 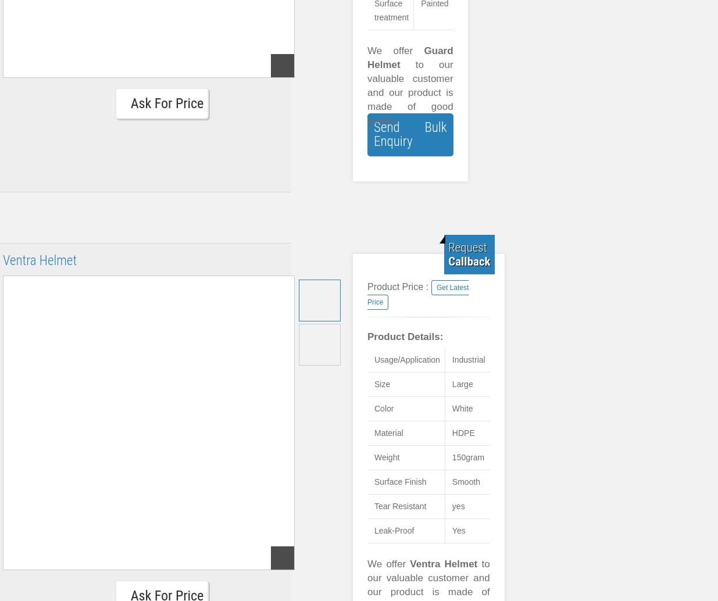 What do you see at coordinates (387, 456) in the screenshot?
I see `'Weight'` at bounding box center [387, 456].